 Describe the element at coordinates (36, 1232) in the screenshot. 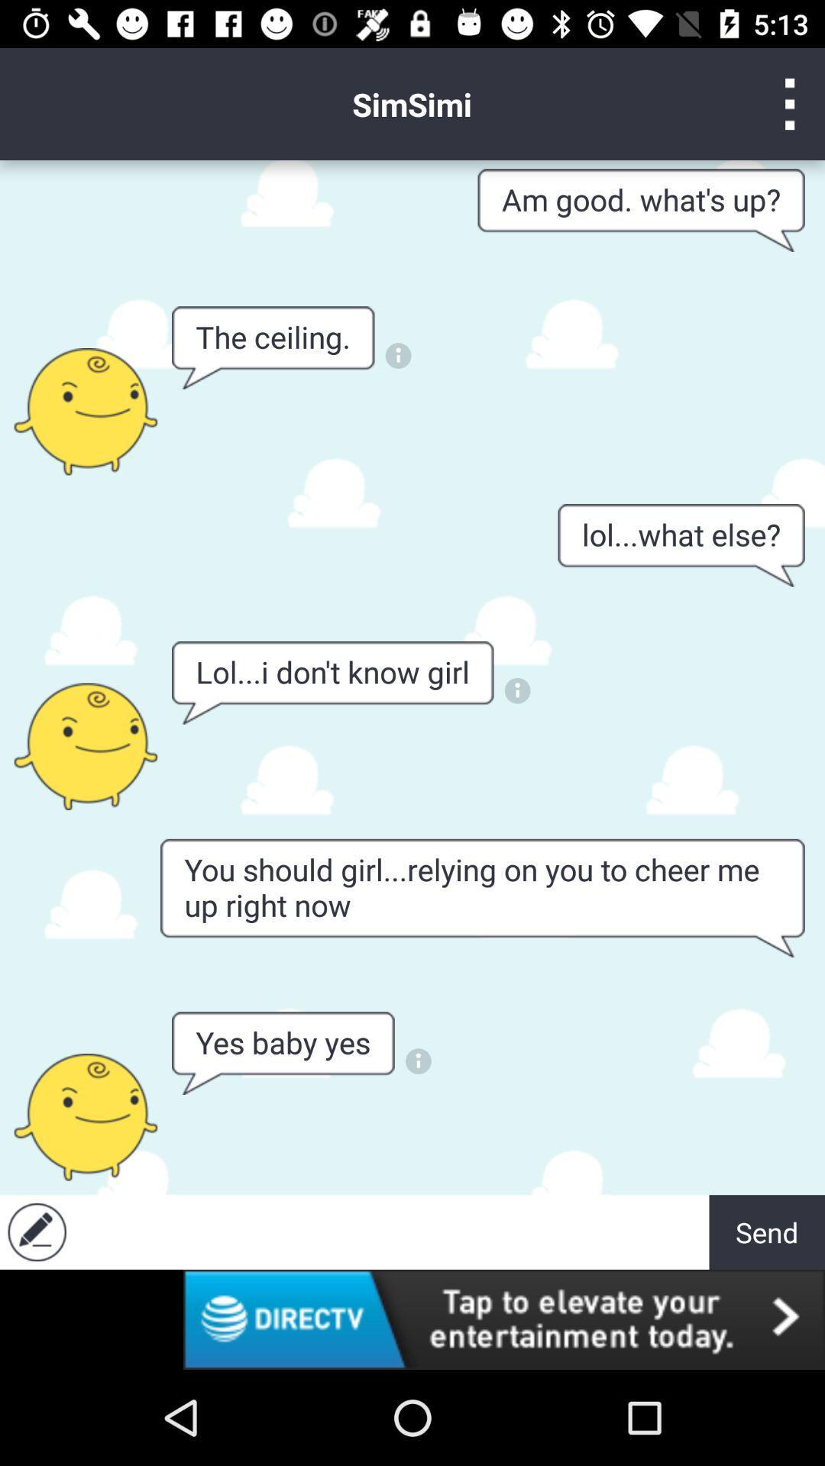

I see `the edit icon` at that location.